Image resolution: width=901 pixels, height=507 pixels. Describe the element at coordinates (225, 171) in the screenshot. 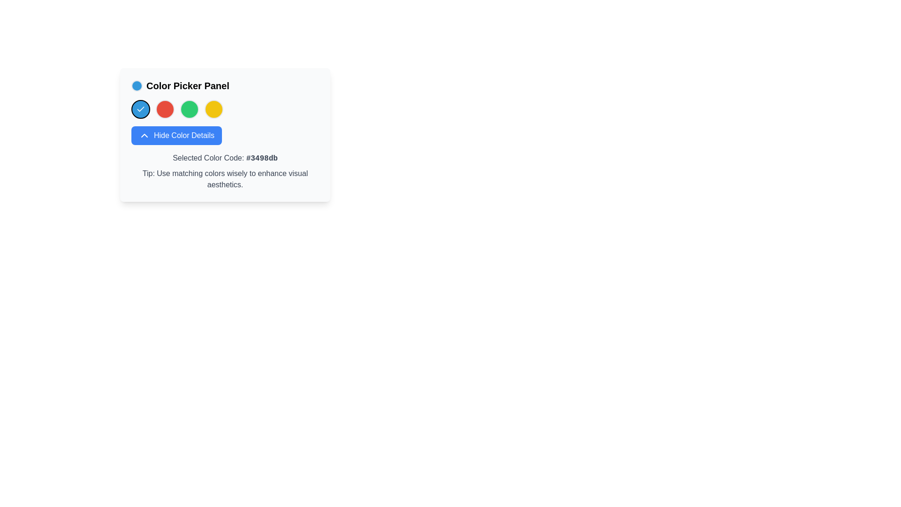

I see `information presented in the Informative text block located at the bottom of the Color Picker Panel, which includes the selected color code '#3498db' and a usage tip` at that location.